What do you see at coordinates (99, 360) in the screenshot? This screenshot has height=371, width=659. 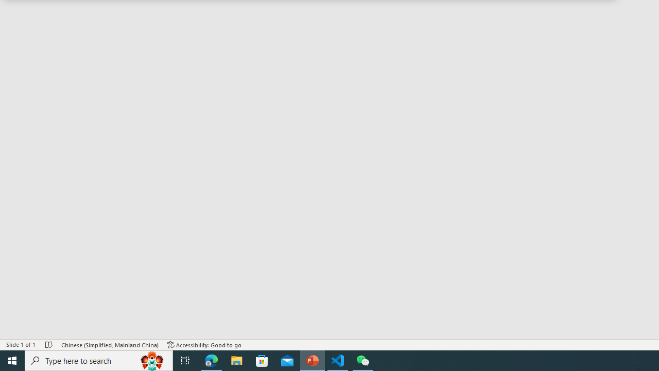 I see `'Type here to search'` at bounding box center [99, 360].